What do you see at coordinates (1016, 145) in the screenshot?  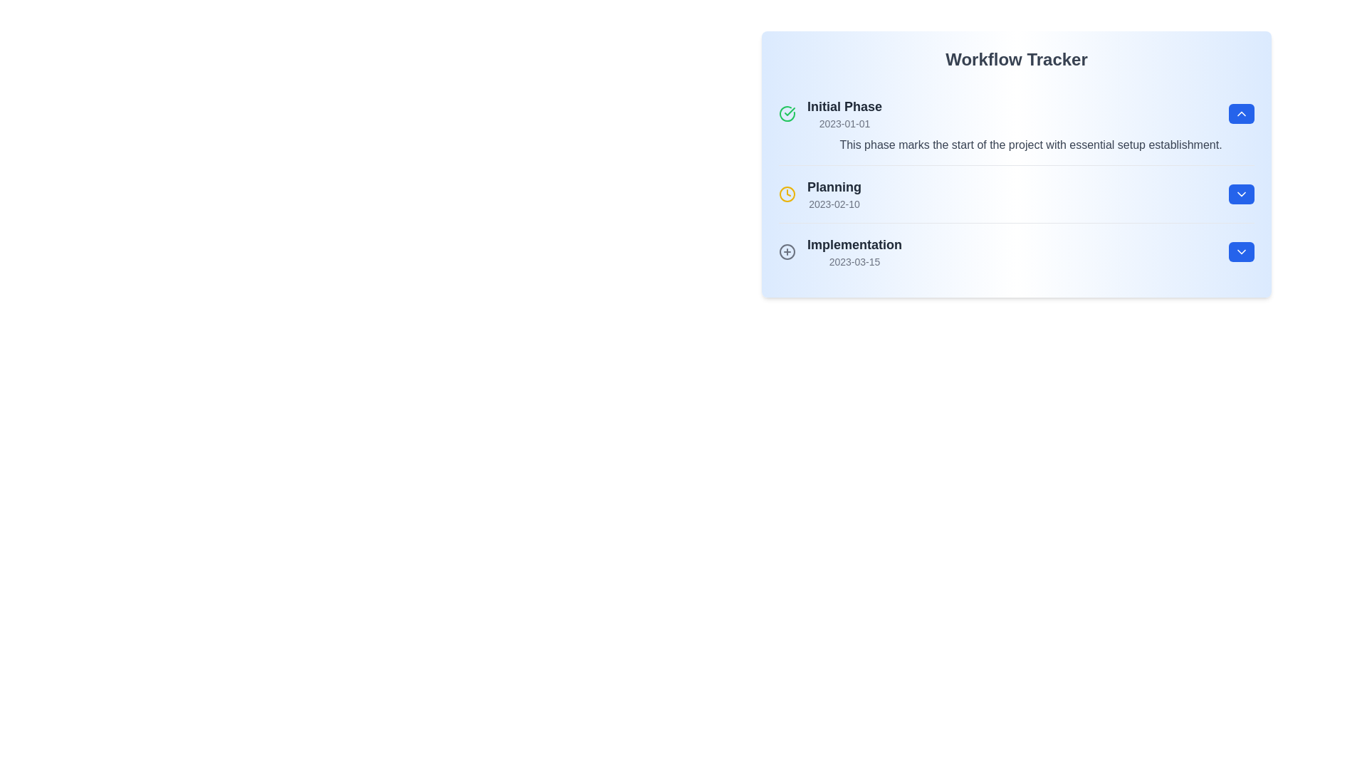 I see `the text snippet stating 'This phase marks the start of the project with essential setup establishment.' located beneath the title 'Initial Phase' in the Workflow Tracker` at bounding box center [1016, 145].